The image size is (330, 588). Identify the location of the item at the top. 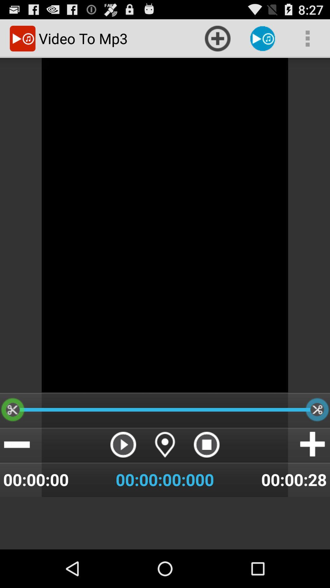
(217, 38).